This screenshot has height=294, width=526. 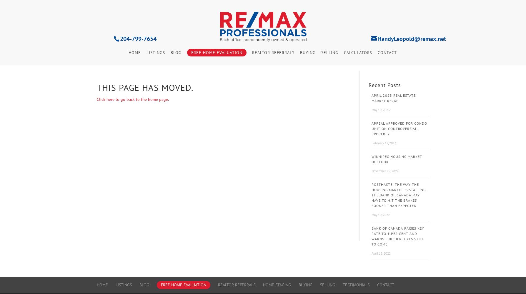 I want to click on 'Home Staging', so click(x=277, y=285).